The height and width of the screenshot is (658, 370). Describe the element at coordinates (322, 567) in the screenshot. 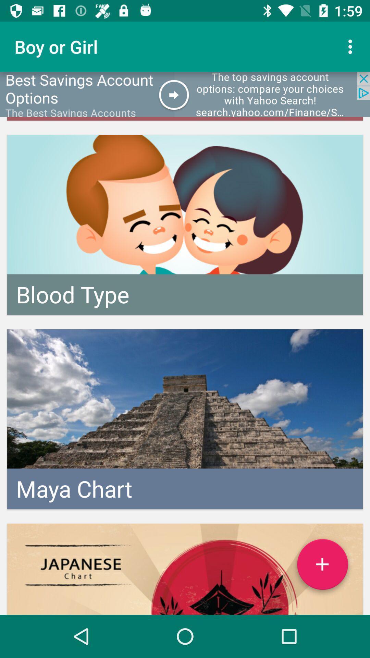

I see `the button at the top right bottom of the page` at that location.